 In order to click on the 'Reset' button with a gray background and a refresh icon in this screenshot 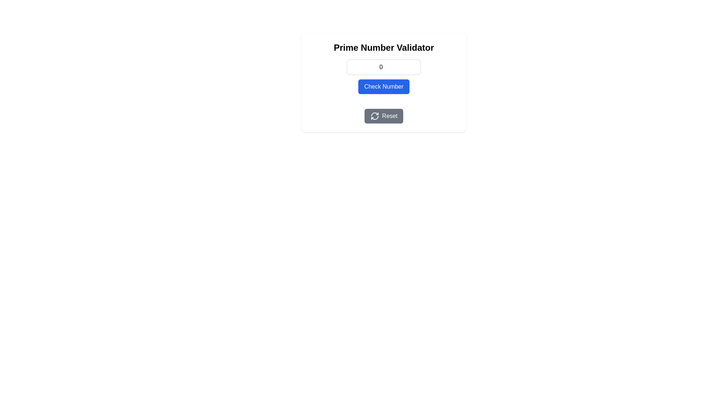, I will do `click(383, 116)`.